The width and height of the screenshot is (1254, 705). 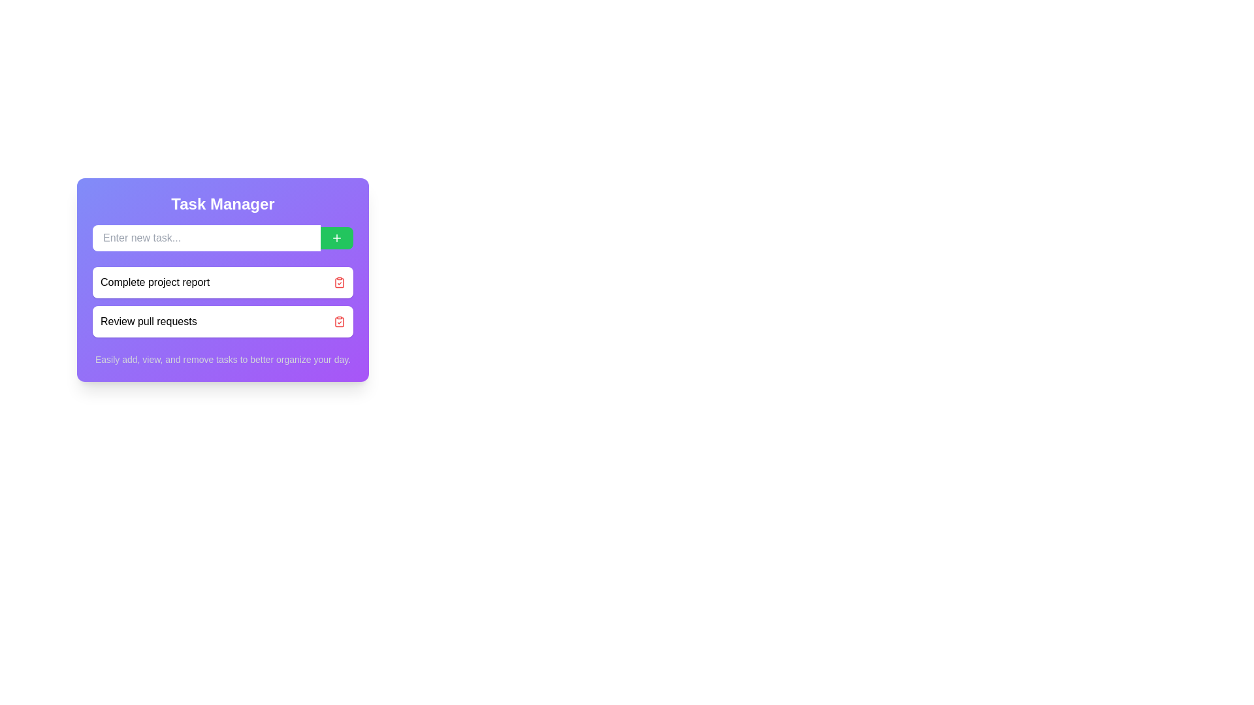 I want to click on the small rectangular button with a green background and a white plus symbol, located on the right side of the input field labeled 'Enter new task...', so click(x=336, y=238).